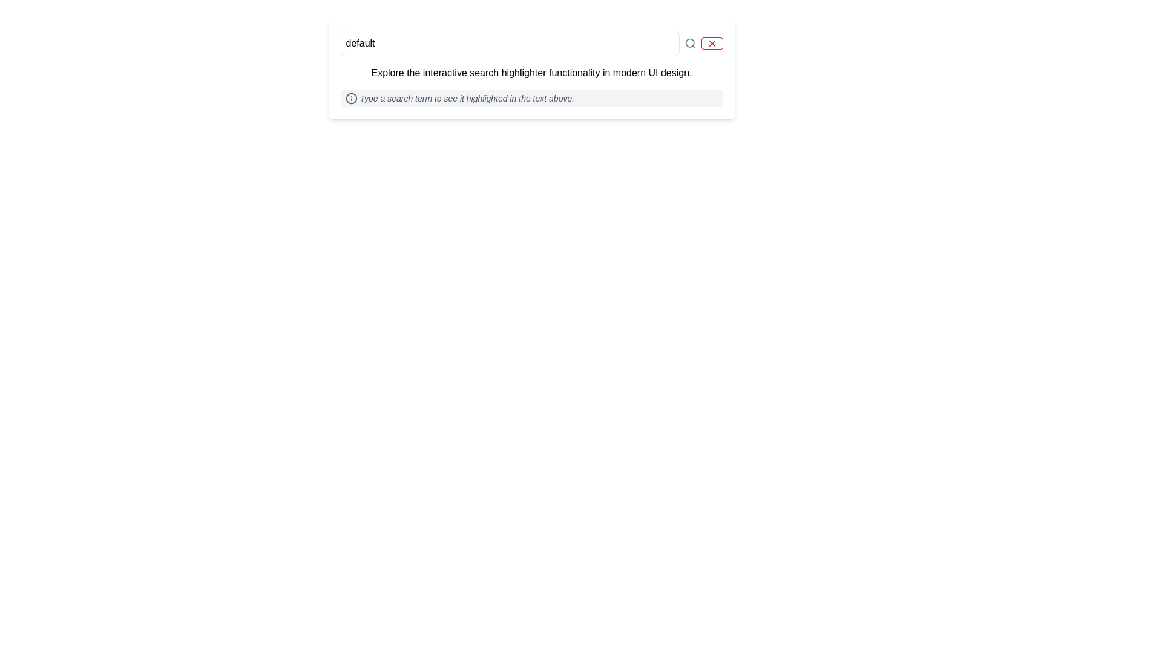 The image size is (1162, 653). What do you see at coordinates (466, 97) in the screenshot?
I see `the instructional Text Label that guides the user to input a term for the text-highlighting feature` at bounding box center [466, 97].